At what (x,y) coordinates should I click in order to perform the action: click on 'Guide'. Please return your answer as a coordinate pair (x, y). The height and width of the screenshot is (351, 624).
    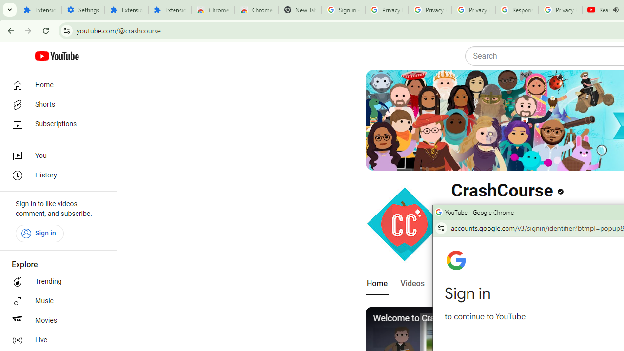
    Looking at the image, I should click on (17, 56).